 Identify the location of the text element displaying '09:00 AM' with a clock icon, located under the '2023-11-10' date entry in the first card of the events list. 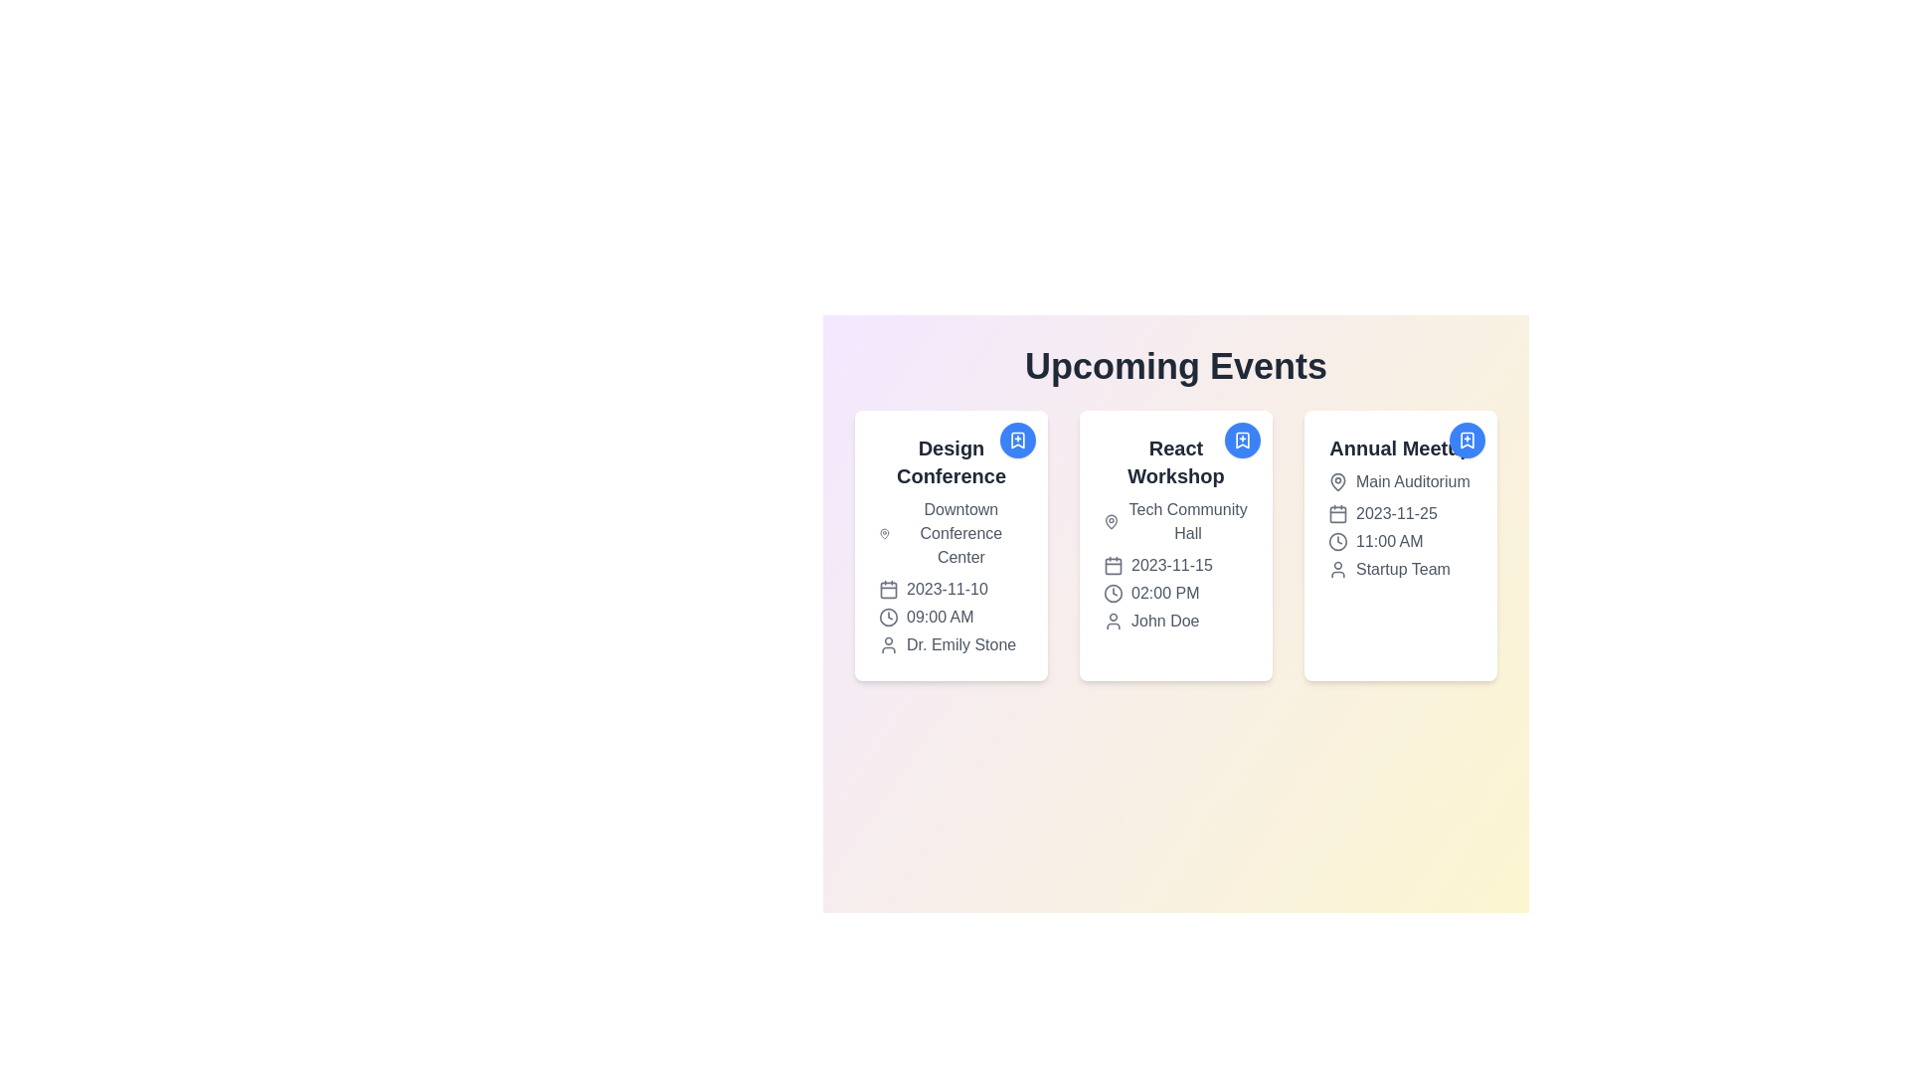
(950, 617).